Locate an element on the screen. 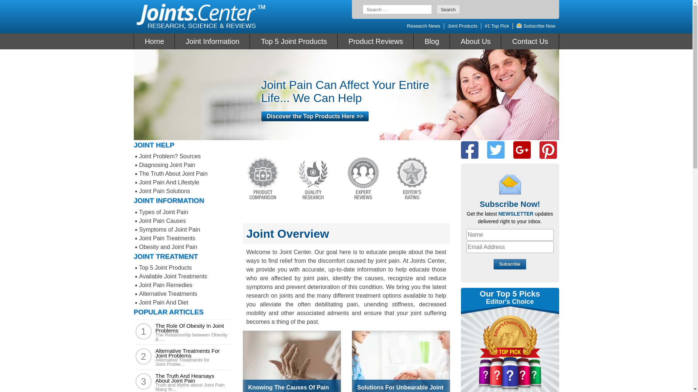  'Search' is located at coordinates (436, 9).